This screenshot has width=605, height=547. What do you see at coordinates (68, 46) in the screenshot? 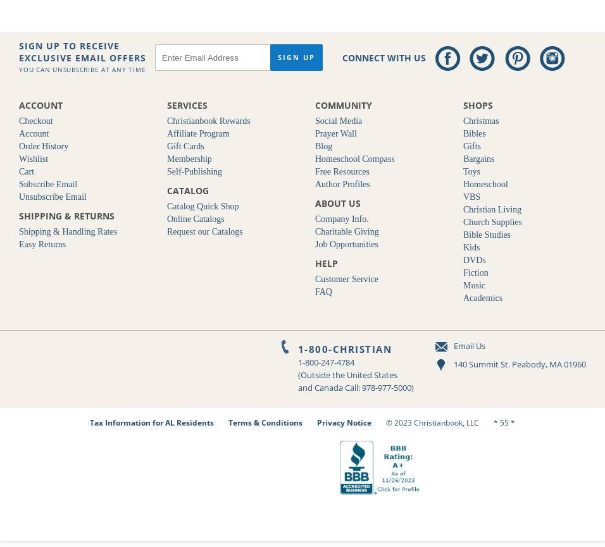
I see `'Sign Up To Receive'` at bounding box center [68, 46].